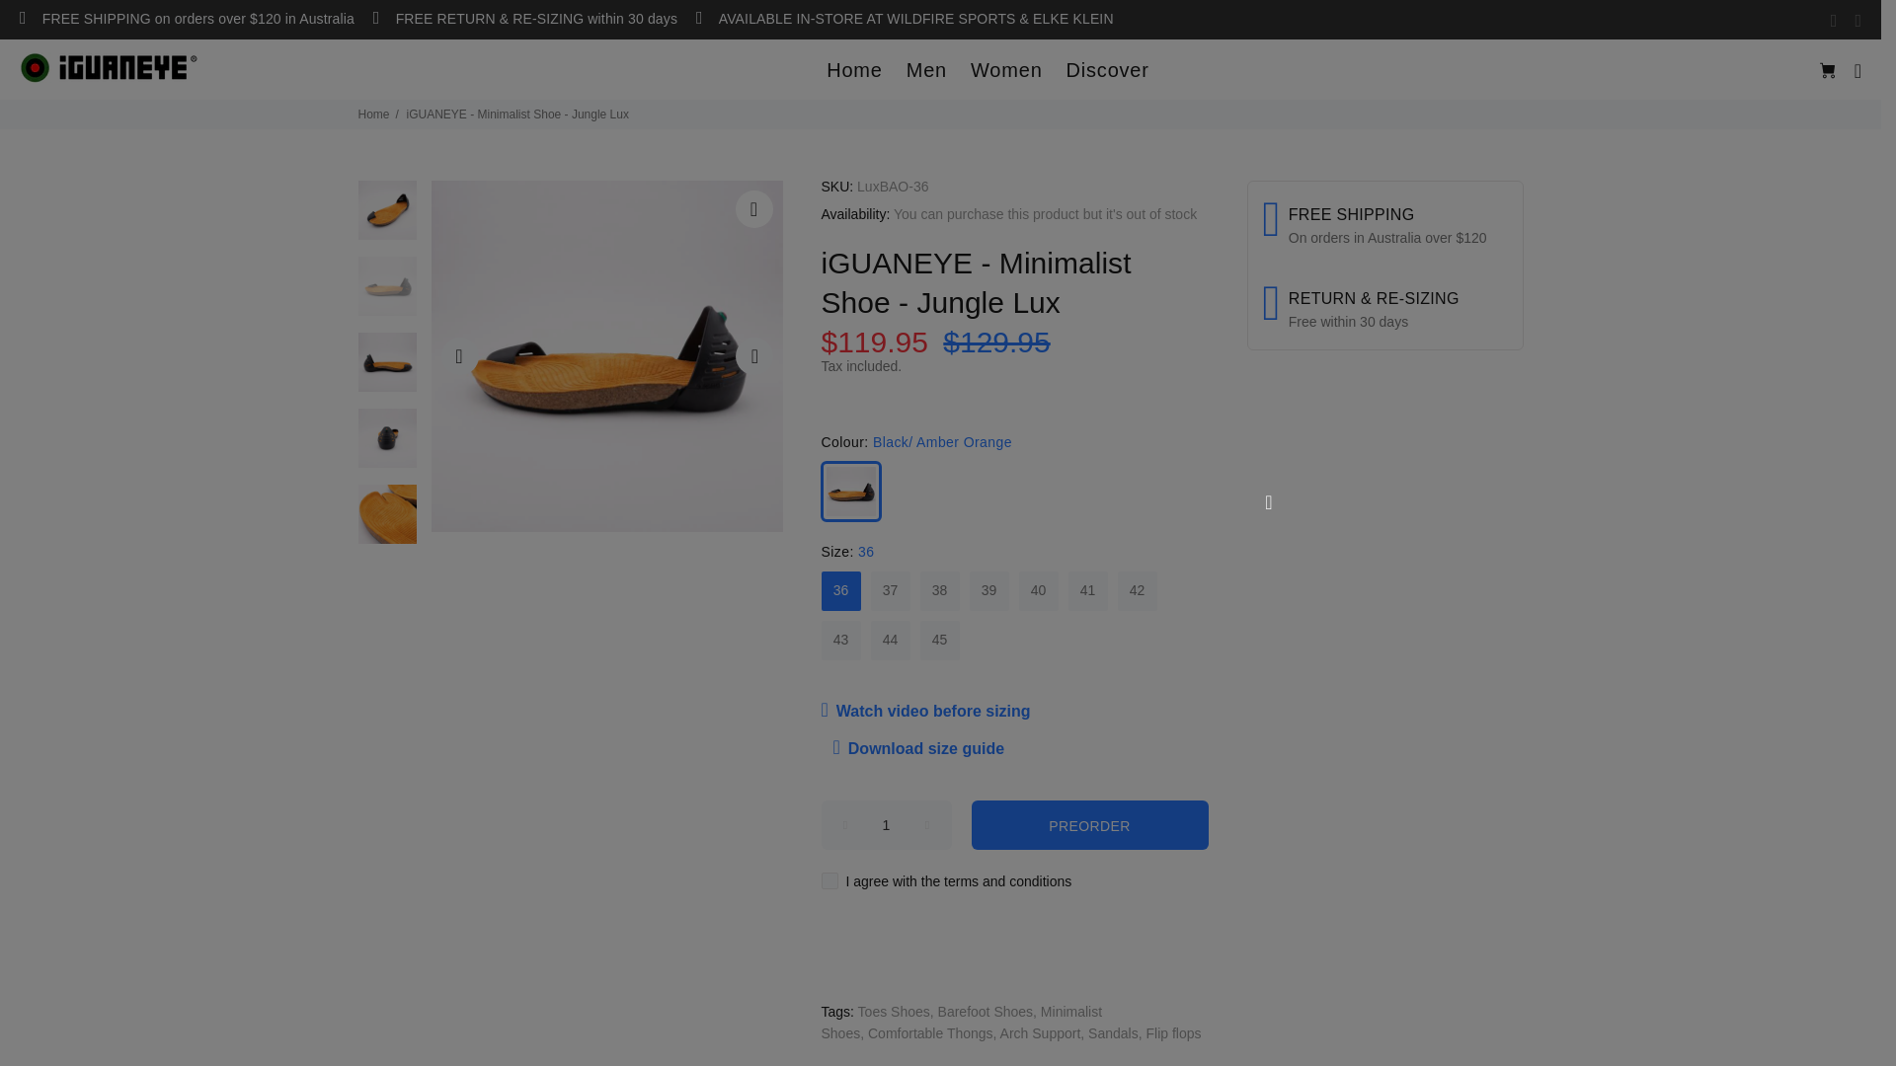 This screenshot has height=1066, width=1896. I want to click on 'Watch video before sizing', so click(821, 712).